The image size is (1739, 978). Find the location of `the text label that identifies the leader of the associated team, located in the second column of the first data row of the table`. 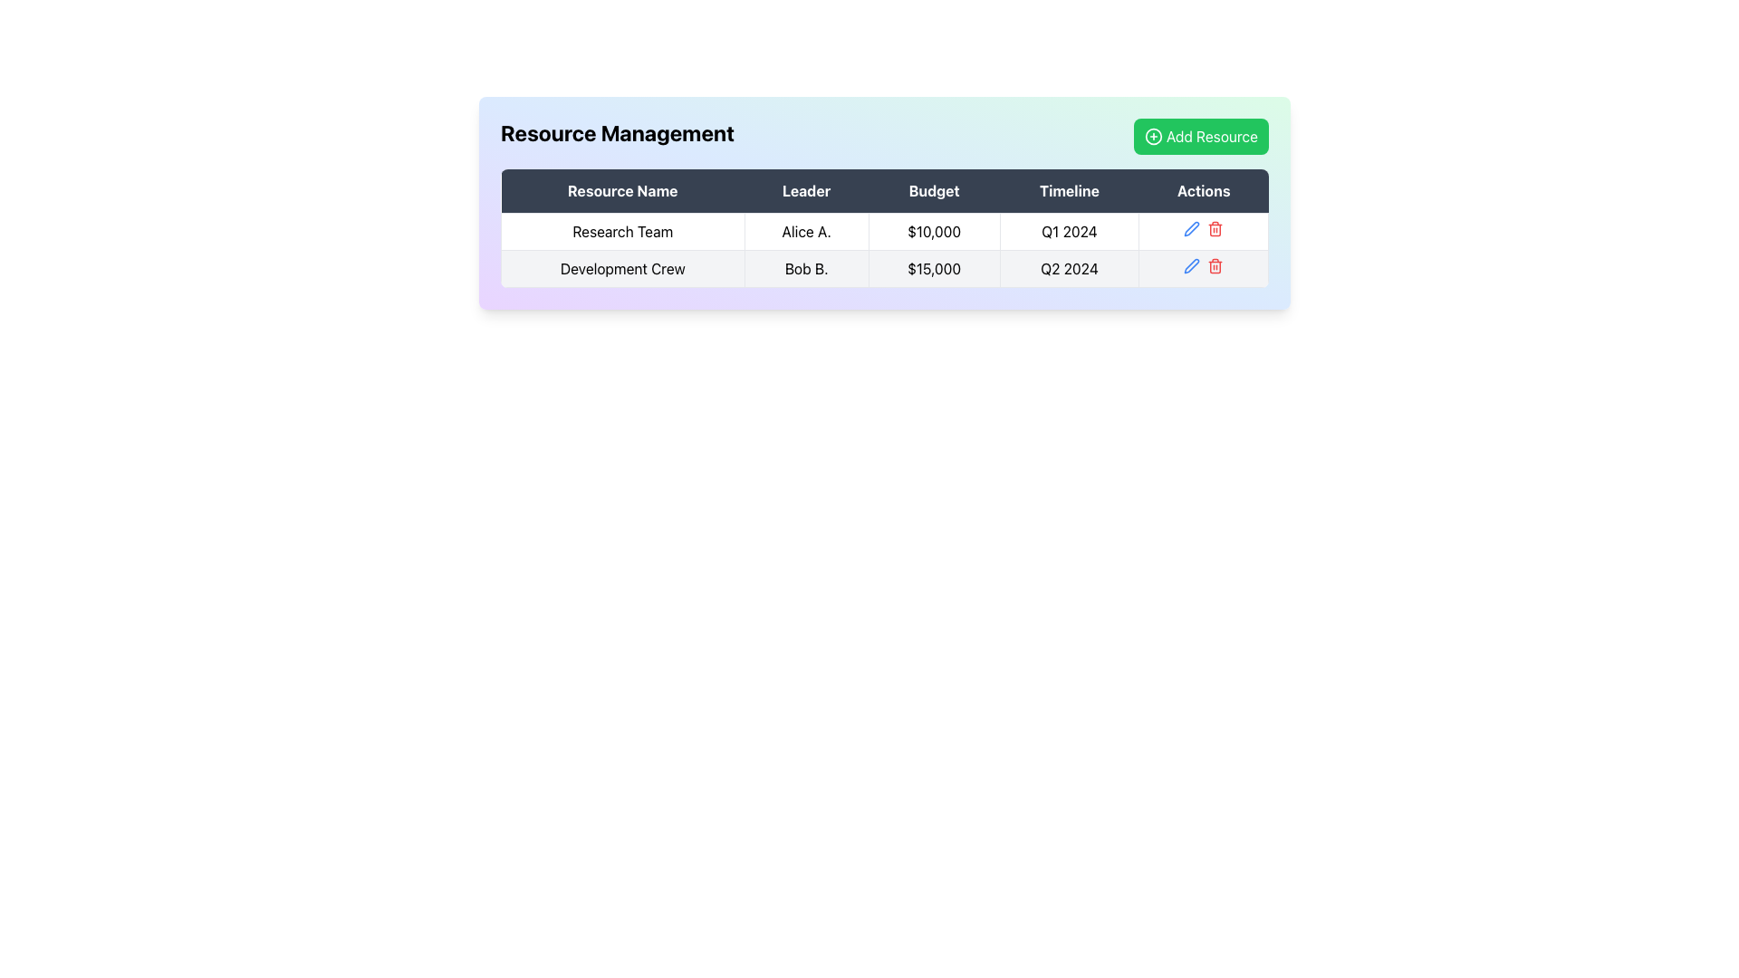

the text label that identifies the leader of the associated team, located in the second column of the first data row of the table is located at coordinates (805, 230).